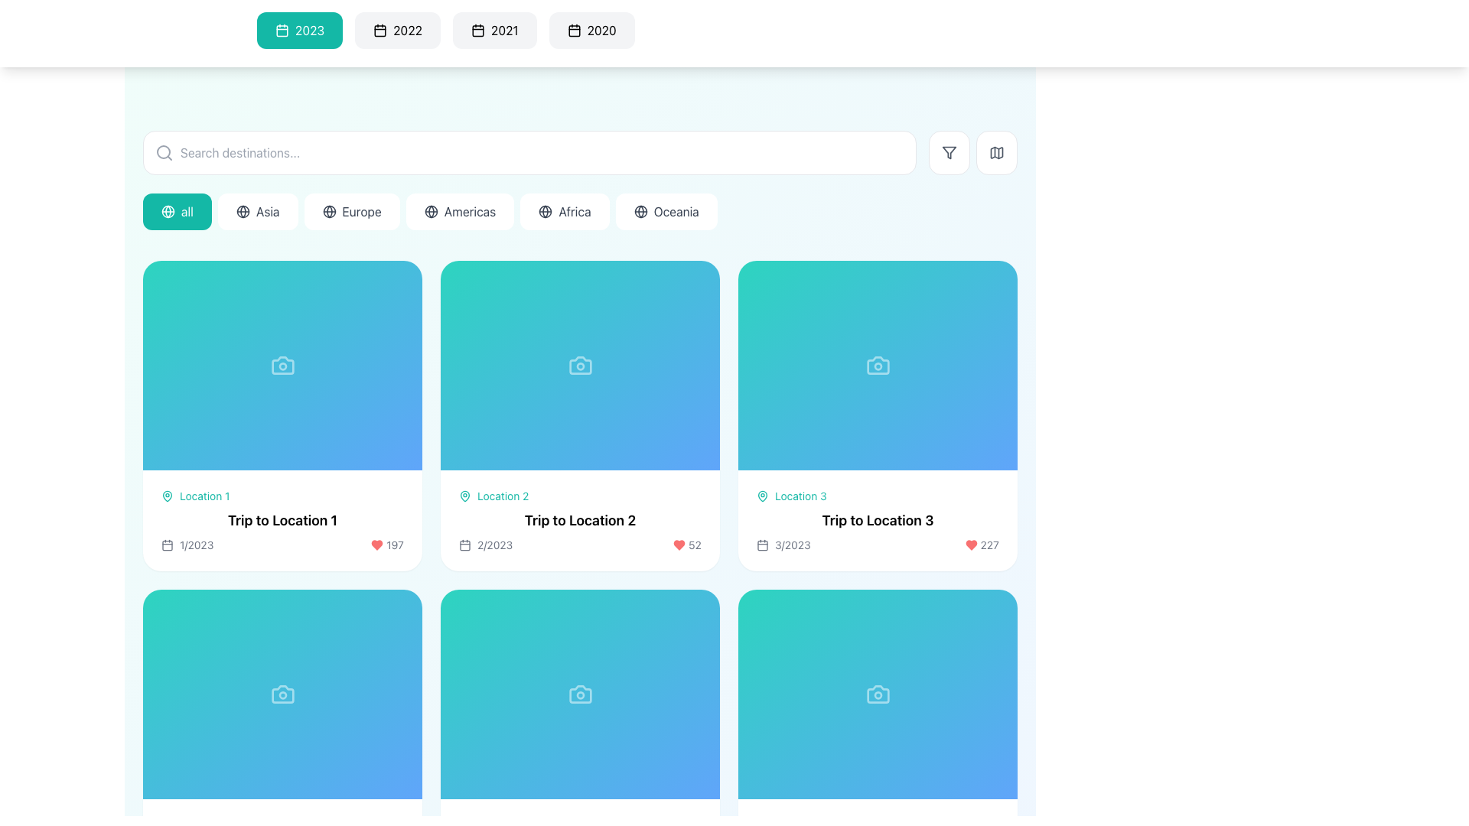 The height and width of the screenshot is (826, 1469). What do you see at coordinates (763, 545) in the screenshot?
I see `the decorative SVG shape component of the calendar icon located in the bottom-left corner of the card for 'Trip to Location 3'` at bounding box center [763, 545].